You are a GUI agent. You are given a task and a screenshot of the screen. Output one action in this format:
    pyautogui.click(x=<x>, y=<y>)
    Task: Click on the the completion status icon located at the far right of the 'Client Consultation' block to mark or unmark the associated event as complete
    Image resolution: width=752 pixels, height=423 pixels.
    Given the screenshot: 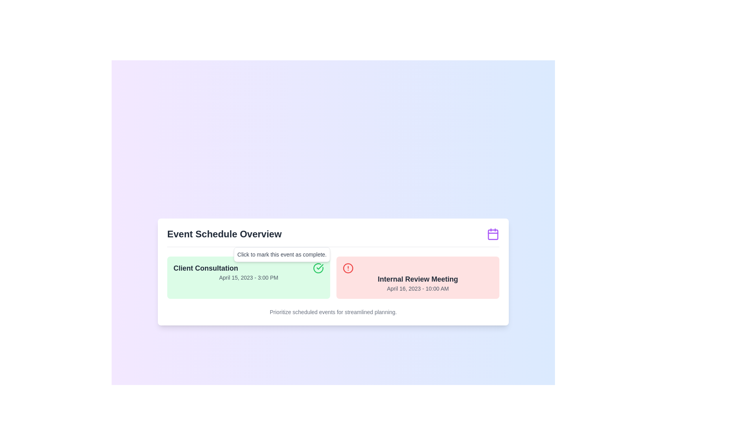 What is the action you would take?
    pyautogui.click(x=318, y=267)
    